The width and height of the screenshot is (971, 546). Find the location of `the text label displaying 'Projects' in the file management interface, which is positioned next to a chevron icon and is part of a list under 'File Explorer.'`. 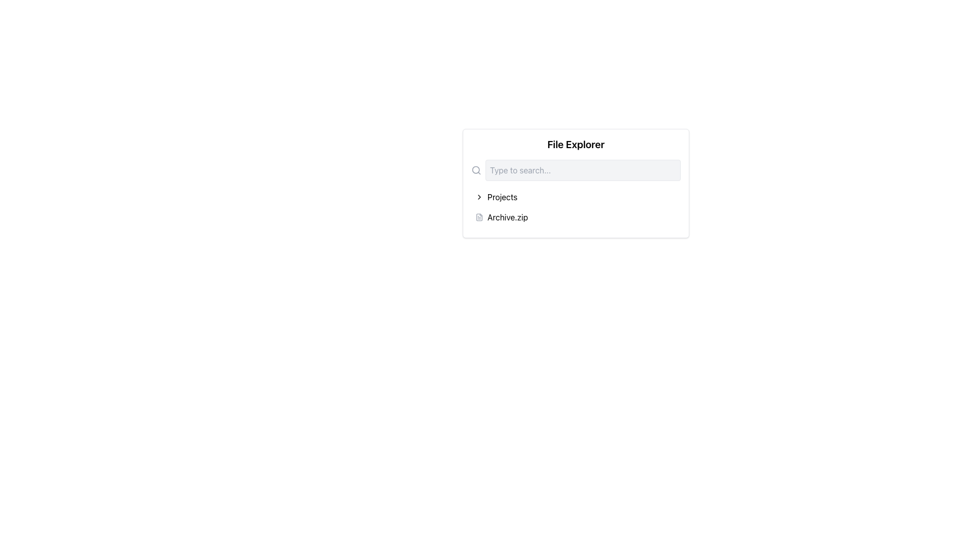

the text label displaying 'Projects' in the file management interface, which is positioned next to a chevron icon and is part of a list under 'File Explorer.' is located at coordinates (502, 197).